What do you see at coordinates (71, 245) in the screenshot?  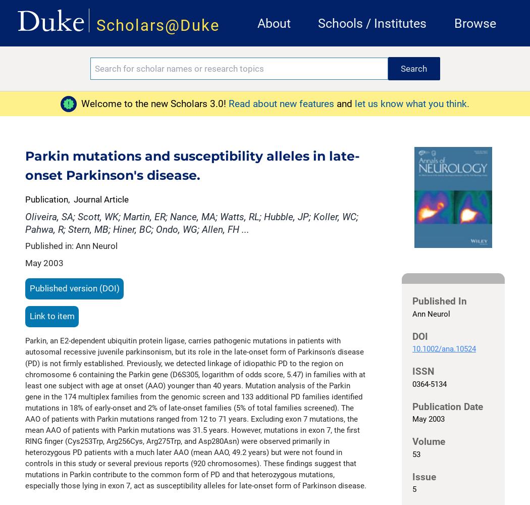 I see `'Published in: Ann Neurol'` at bounding box center [71, 245].